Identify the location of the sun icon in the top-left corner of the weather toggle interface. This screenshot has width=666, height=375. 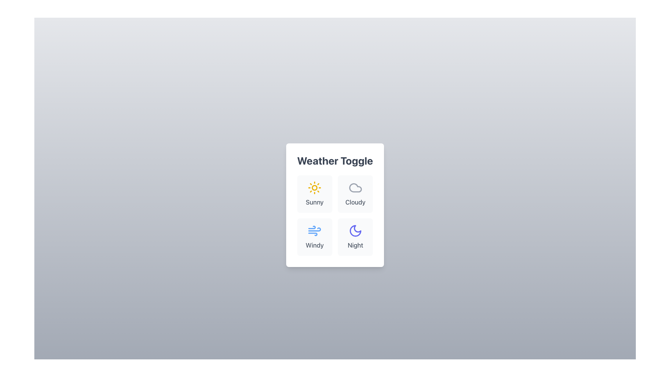
(314, 187).